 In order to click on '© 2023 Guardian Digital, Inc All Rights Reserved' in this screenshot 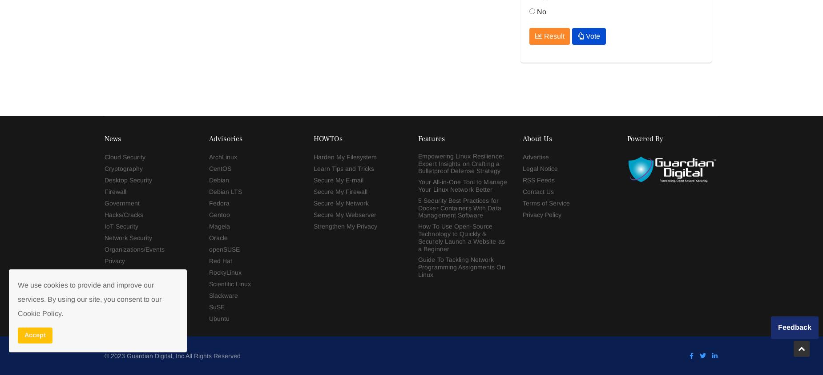, I will do `click(172, 132)`.